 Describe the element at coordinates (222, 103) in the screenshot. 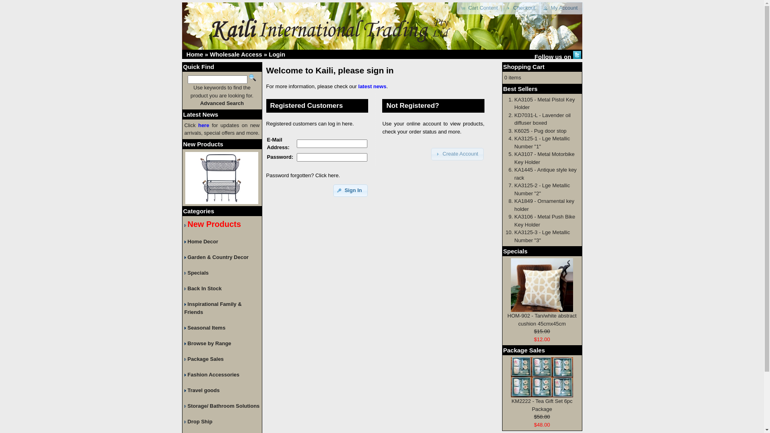

I see `'Advanced Search'` at that location.